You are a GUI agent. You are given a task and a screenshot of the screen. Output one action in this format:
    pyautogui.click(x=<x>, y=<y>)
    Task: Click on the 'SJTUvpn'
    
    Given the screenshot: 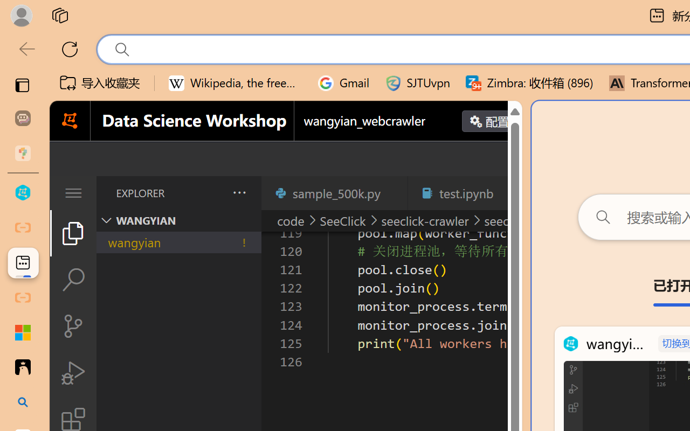 What is the action you would take?
    pyautogui.click(x=417, y=83)
    